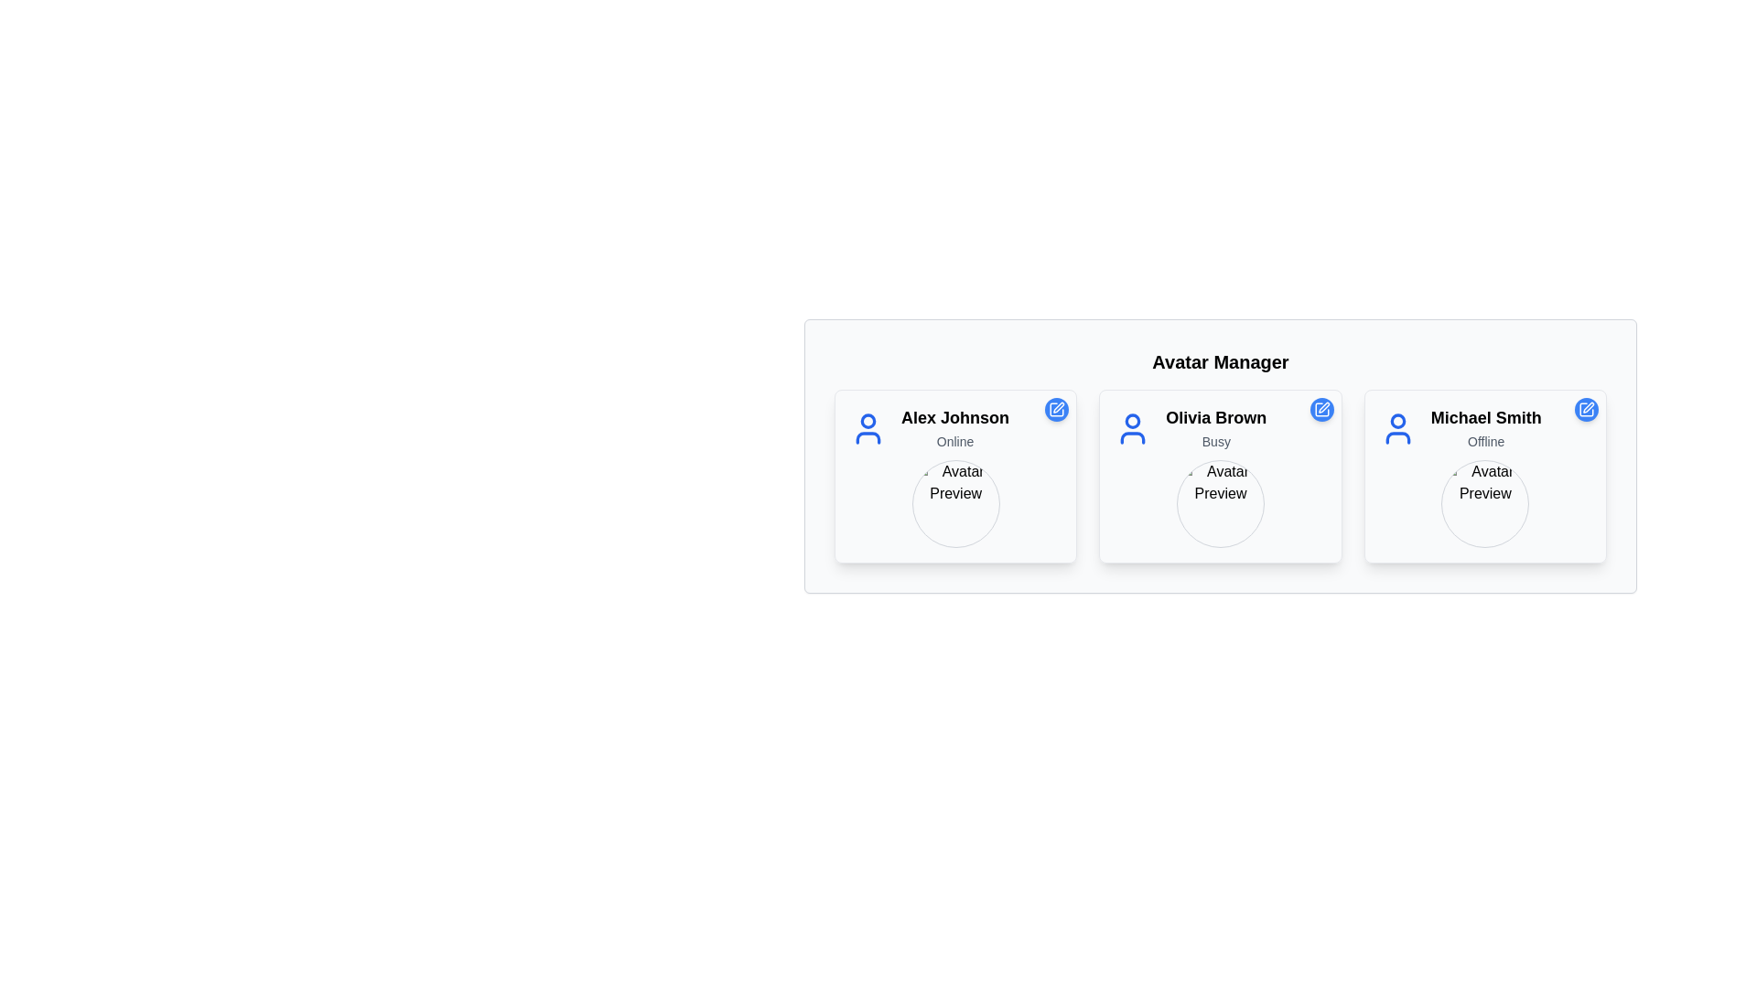  What do you see at coordinates (1216, 417) in the screenshot?
I see `the text label displaying 'Olivia Brown', which serves as the main identifier in the middle card of a three-card layout` at bounding box center [1216, 417].